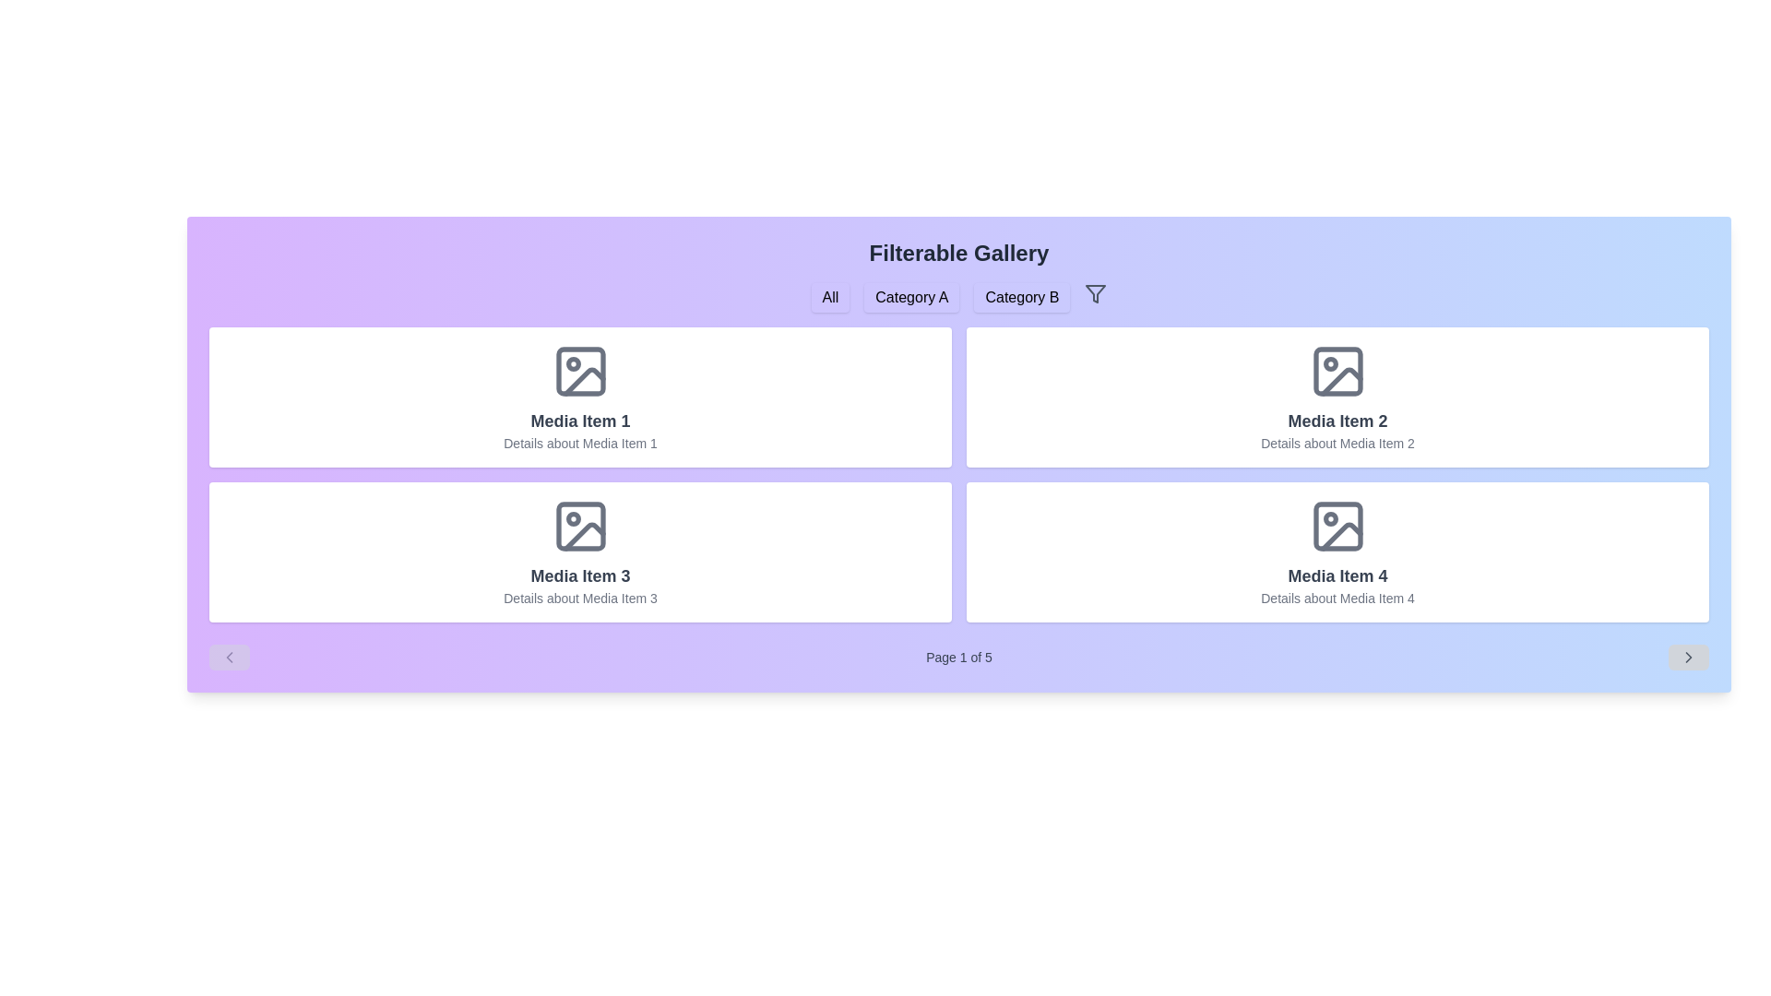 The image size is (1771, 996). I want to click on icon of the Card element titled 'Media Item 1', which is a white card with rounded corners located at the top-left corner of the grid layout, so click(579, 397).